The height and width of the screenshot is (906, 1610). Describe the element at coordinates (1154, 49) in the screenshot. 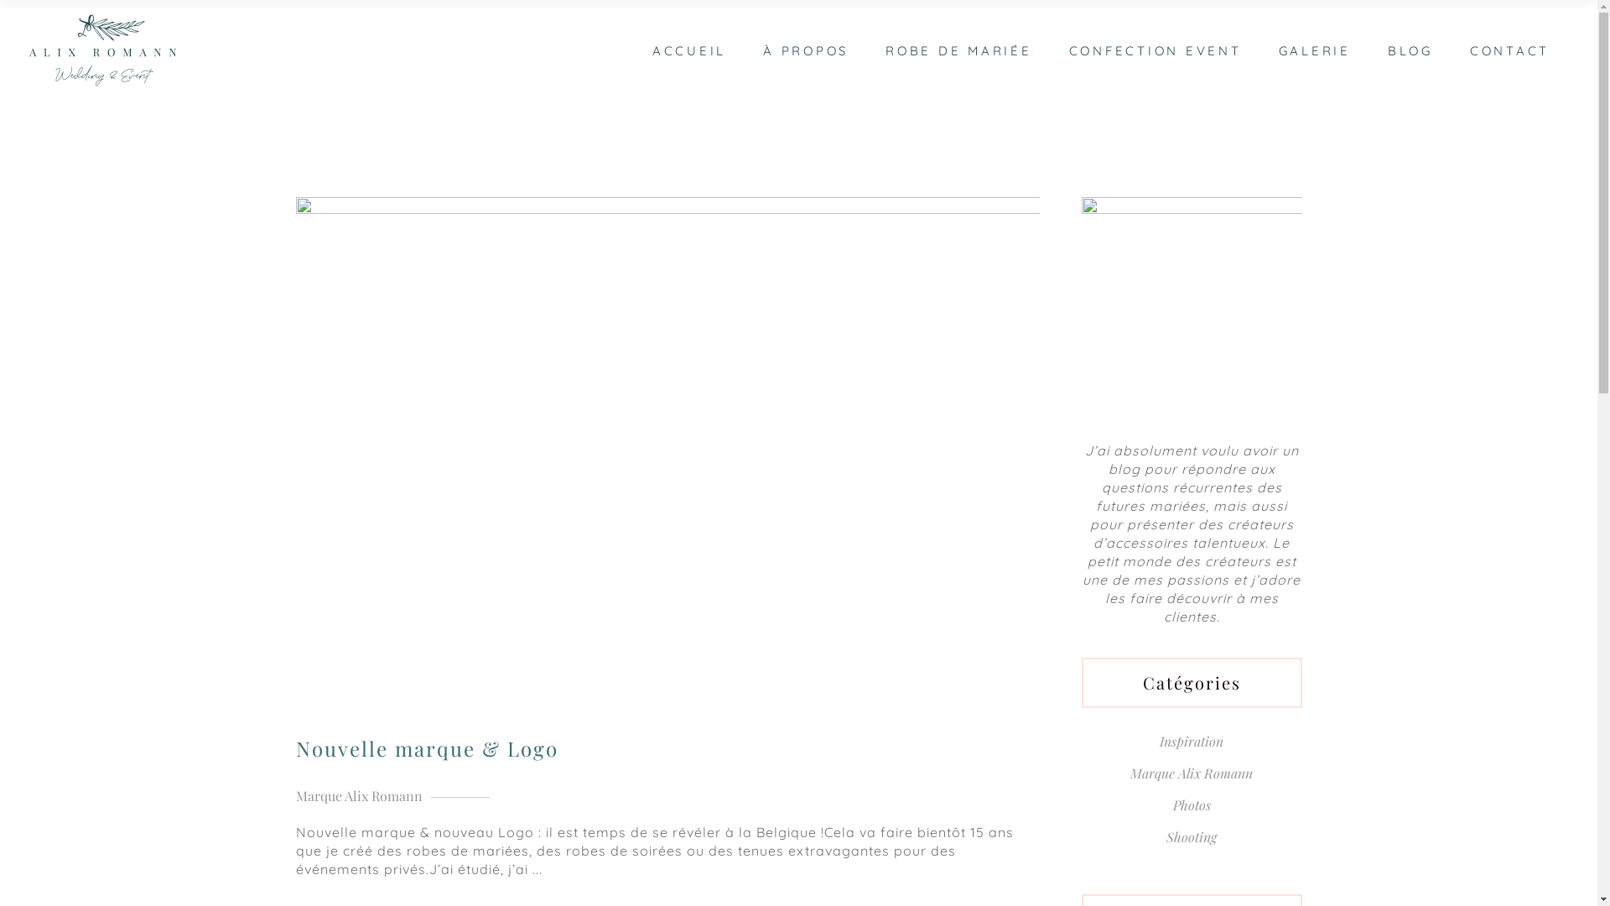

I see `'CONFECTION EVENT'` at that location.